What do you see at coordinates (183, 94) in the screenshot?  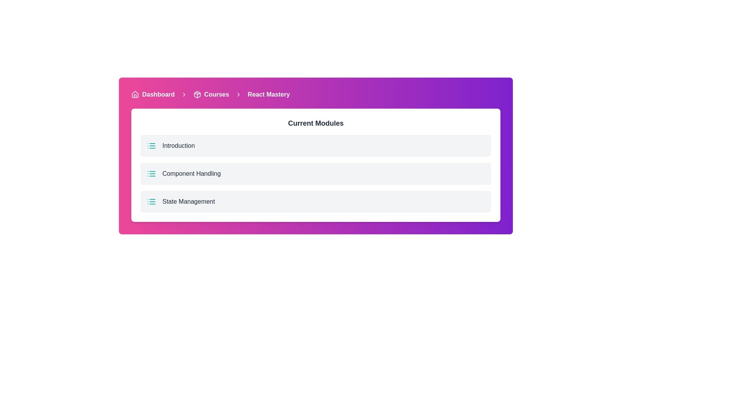 I see `the second arrow separator in the breadcrumb navigation bar, which visually separates 'Dashboard' and 'Courses' links` at bounding box center [183, 94].